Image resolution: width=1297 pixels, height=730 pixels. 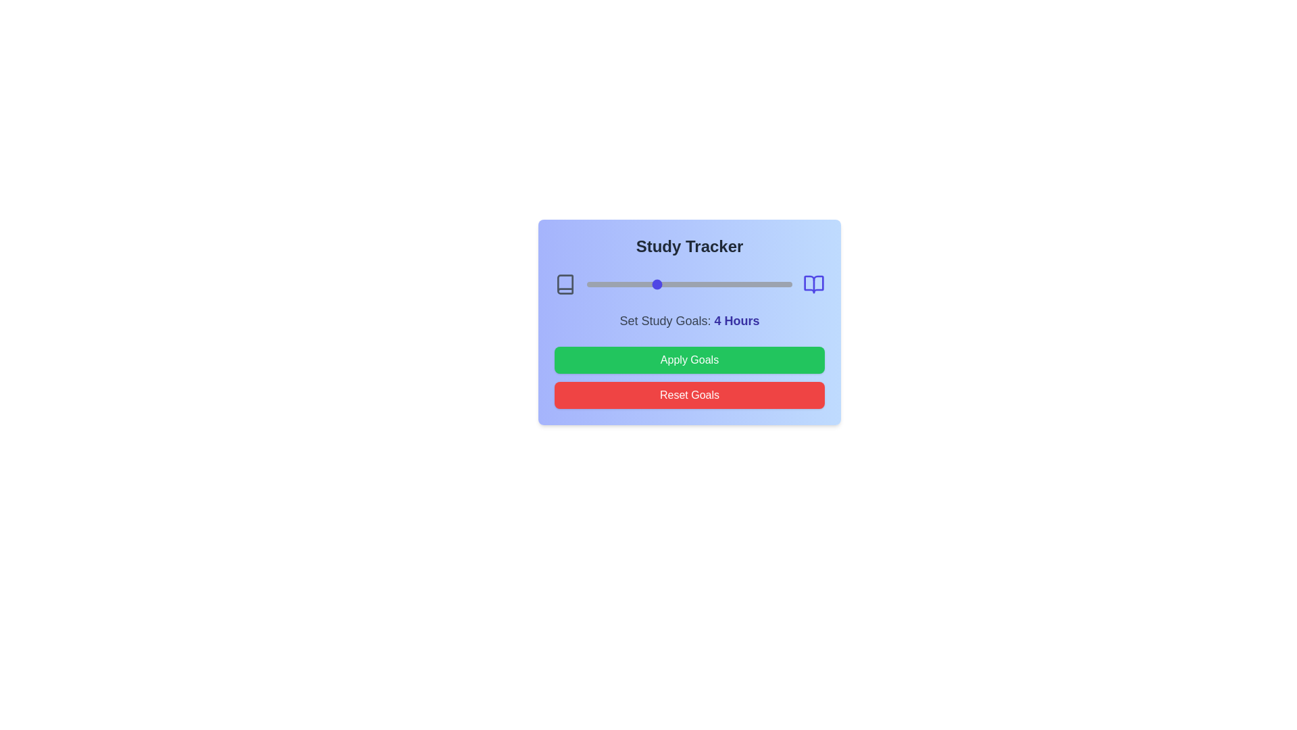 What do you see at coordinates (586, 283) in the screenshot?
I see `the study hours slider to 1 hours` at bounding box center [586, 283].